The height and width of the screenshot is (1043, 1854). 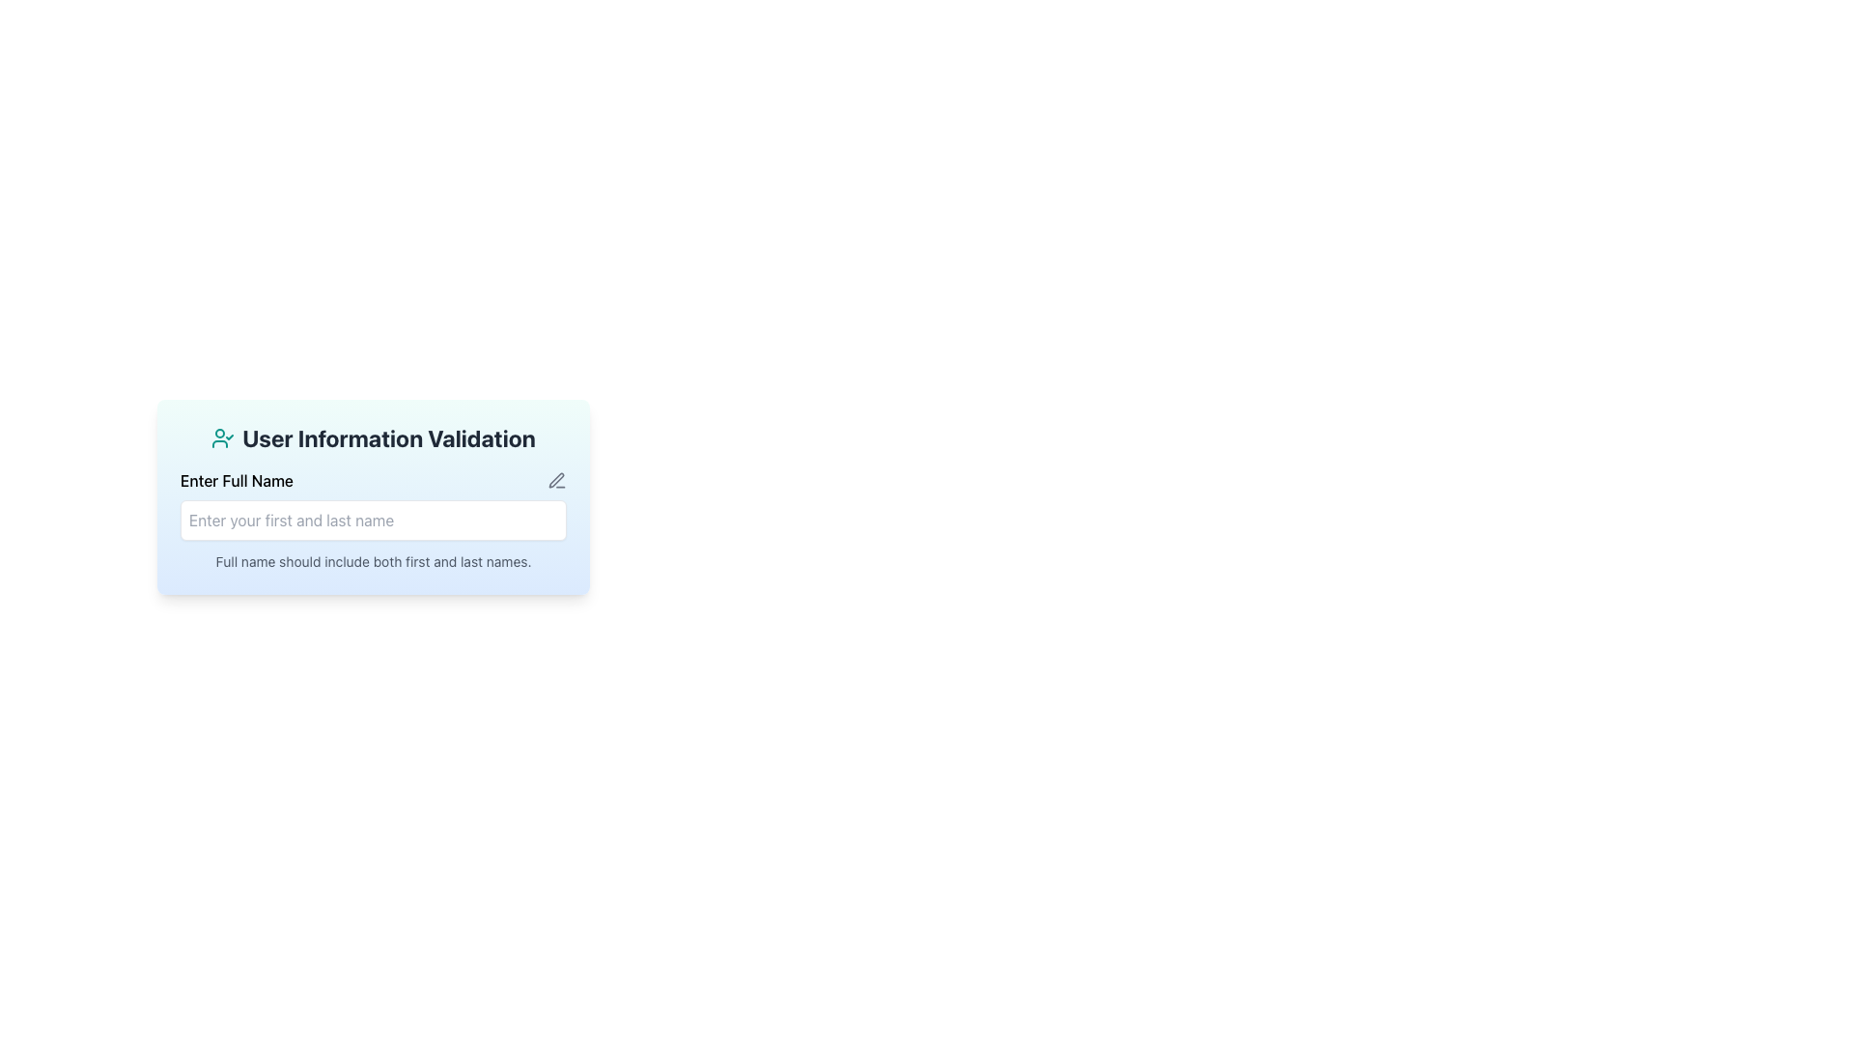 I want to click on instruction text that states 'Full name should include both first and last names.' located directly below the name input field in the 'User Information Validation' card, so click(x=374, y=562).